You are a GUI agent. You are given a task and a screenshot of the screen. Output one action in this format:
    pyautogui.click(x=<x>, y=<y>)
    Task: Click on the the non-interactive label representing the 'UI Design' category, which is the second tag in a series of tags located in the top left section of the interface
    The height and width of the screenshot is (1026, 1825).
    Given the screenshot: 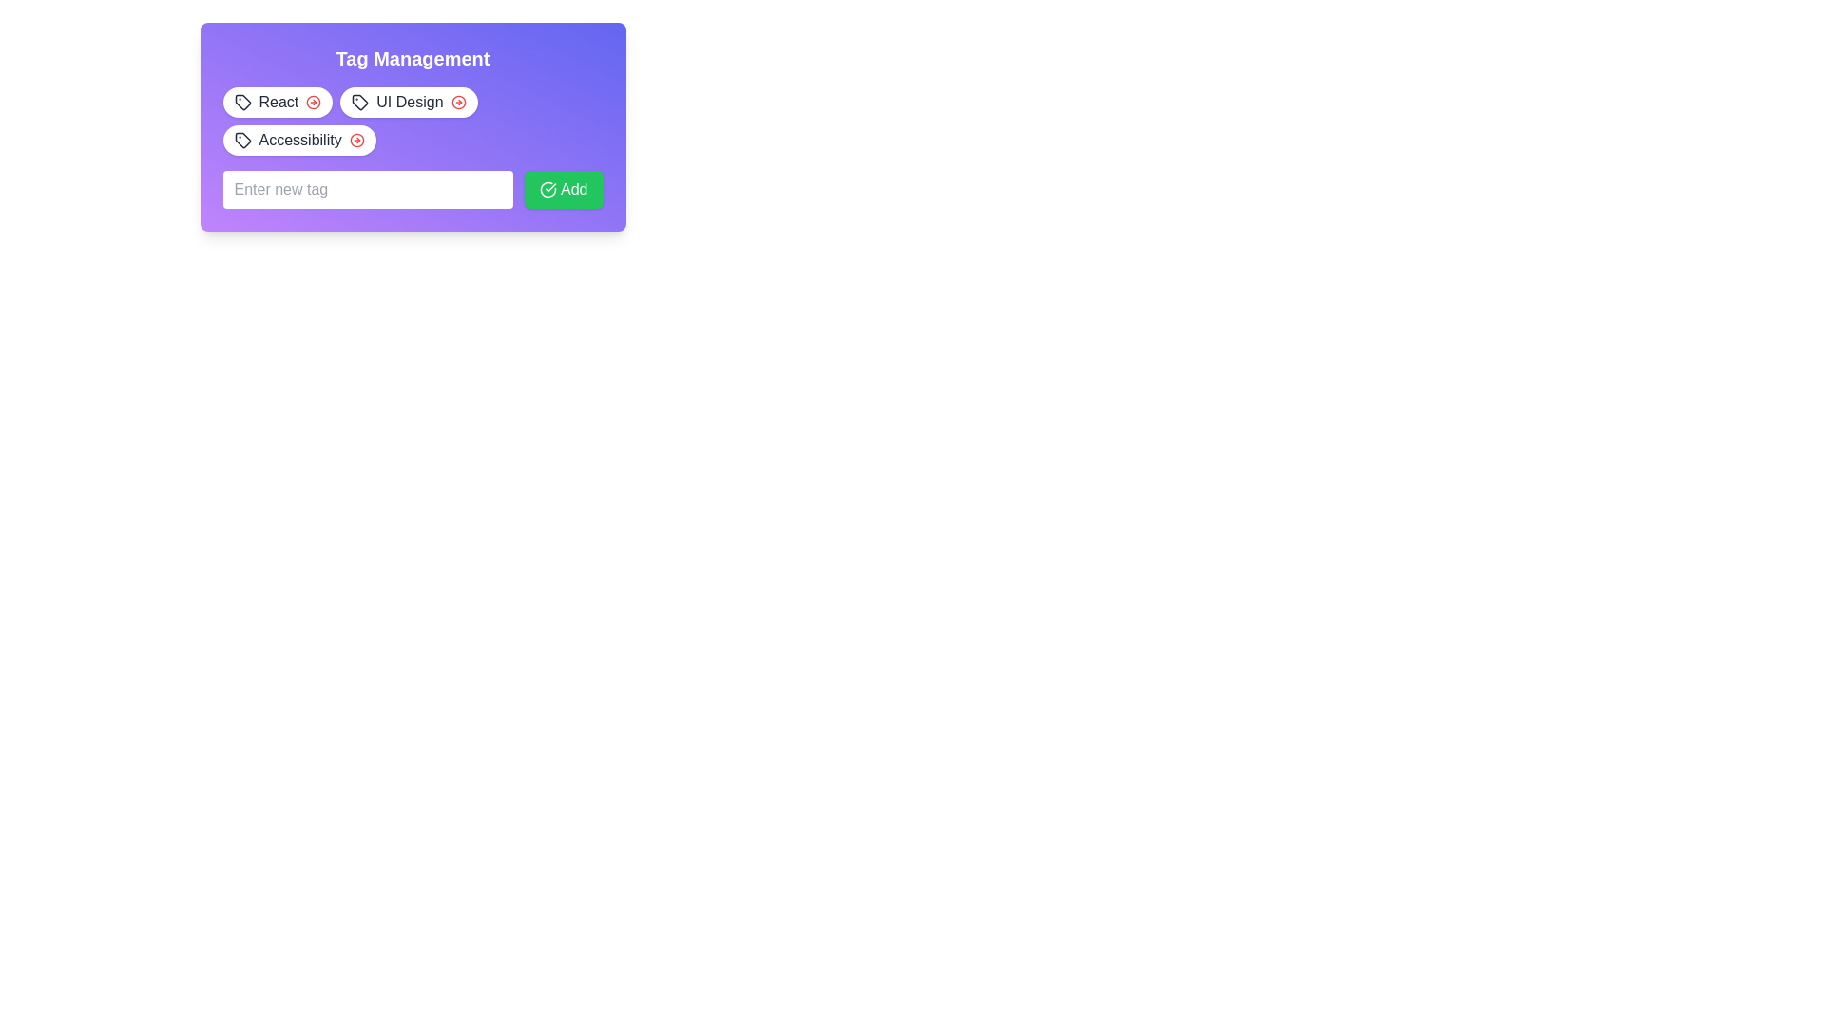 What is the action you would take?
    pyautogui.click(x=409, y=103)
    